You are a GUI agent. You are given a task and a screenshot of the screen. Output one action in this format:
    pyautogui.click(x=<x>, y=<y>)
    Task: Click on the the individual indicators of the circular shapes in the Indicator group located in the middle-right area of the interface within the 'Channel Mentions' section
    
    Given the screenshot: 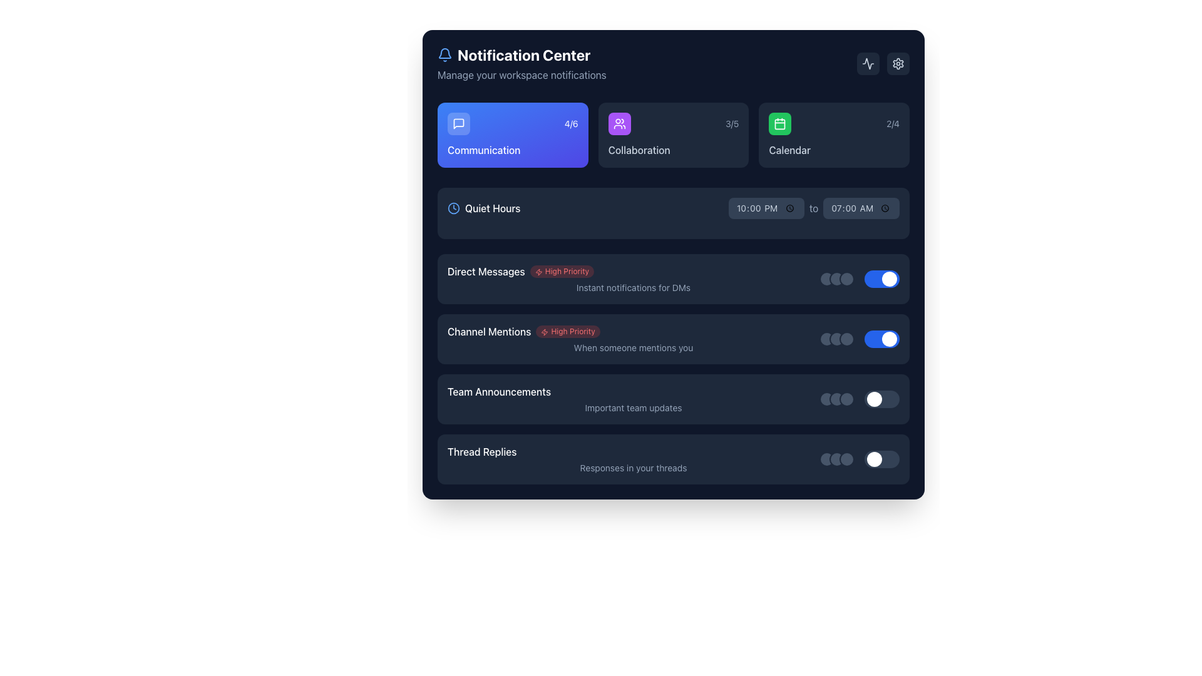 What is the action you would take?
    pyautogui.click(x=837, y=339)
    